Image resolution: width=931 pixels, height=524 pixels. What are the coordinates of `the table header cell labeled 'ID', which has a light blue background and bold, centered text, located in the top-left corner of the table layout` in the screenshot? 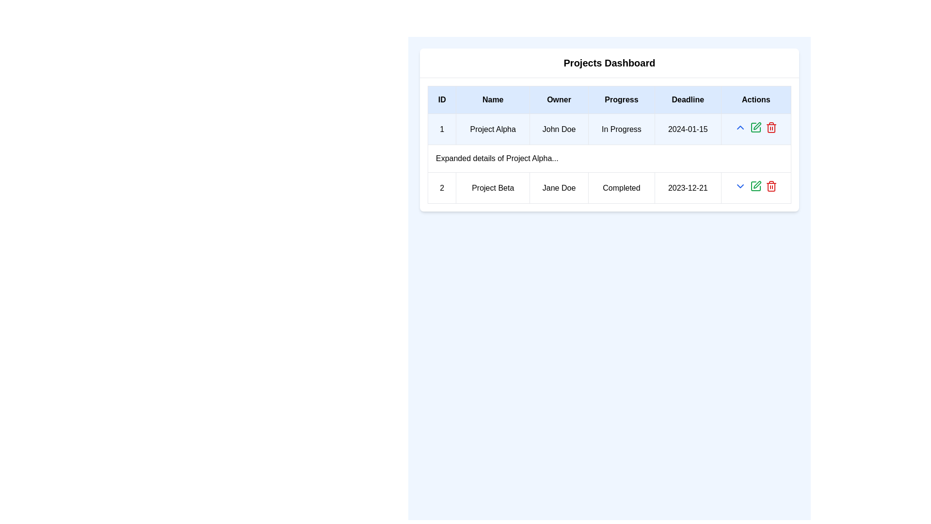 It's located at (441, 99).